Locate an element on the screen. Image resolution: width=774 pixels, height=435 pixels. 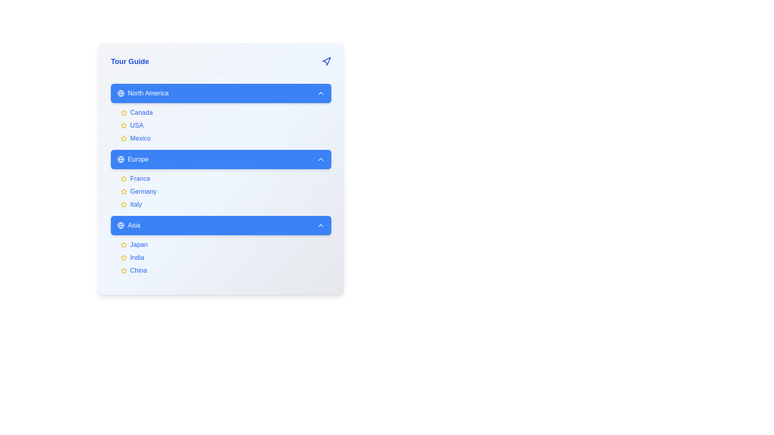
the rightmost icon in the header section of the 'Tour Guide' panel, which represents navigation or movement features is located at coordinates (327, 61).